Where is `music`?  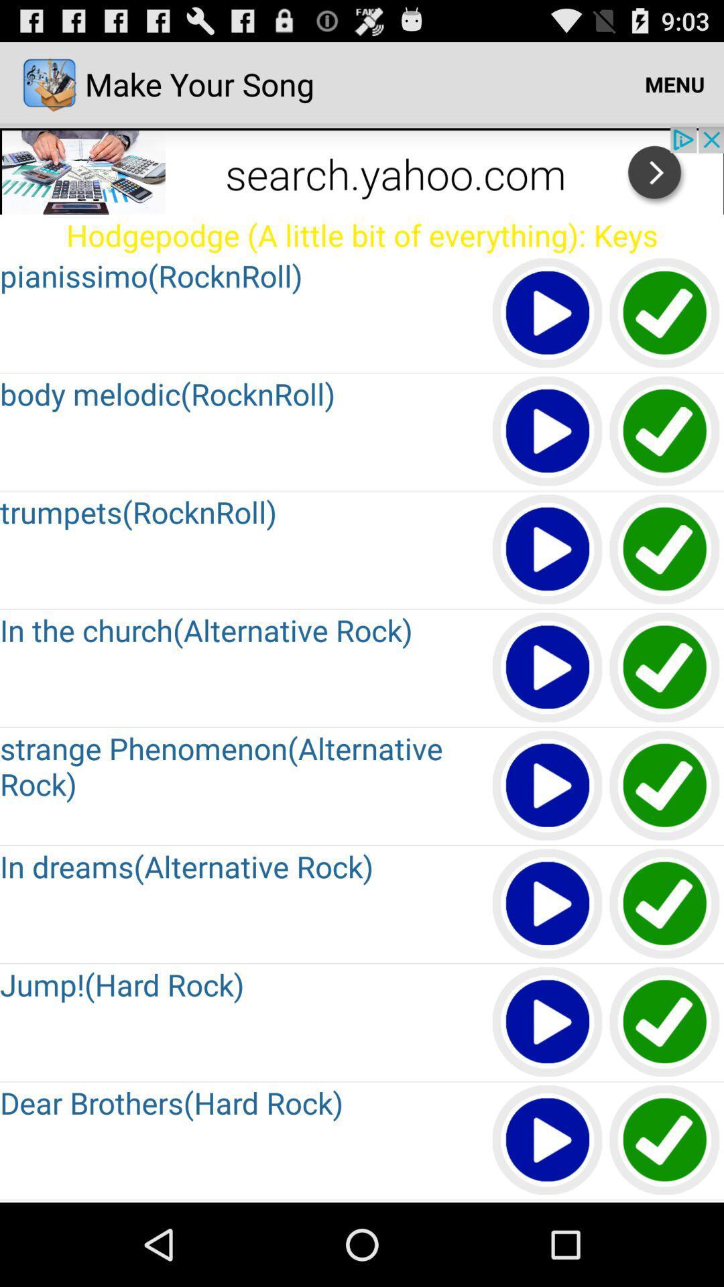 music is located at coordinates (548, 1022).